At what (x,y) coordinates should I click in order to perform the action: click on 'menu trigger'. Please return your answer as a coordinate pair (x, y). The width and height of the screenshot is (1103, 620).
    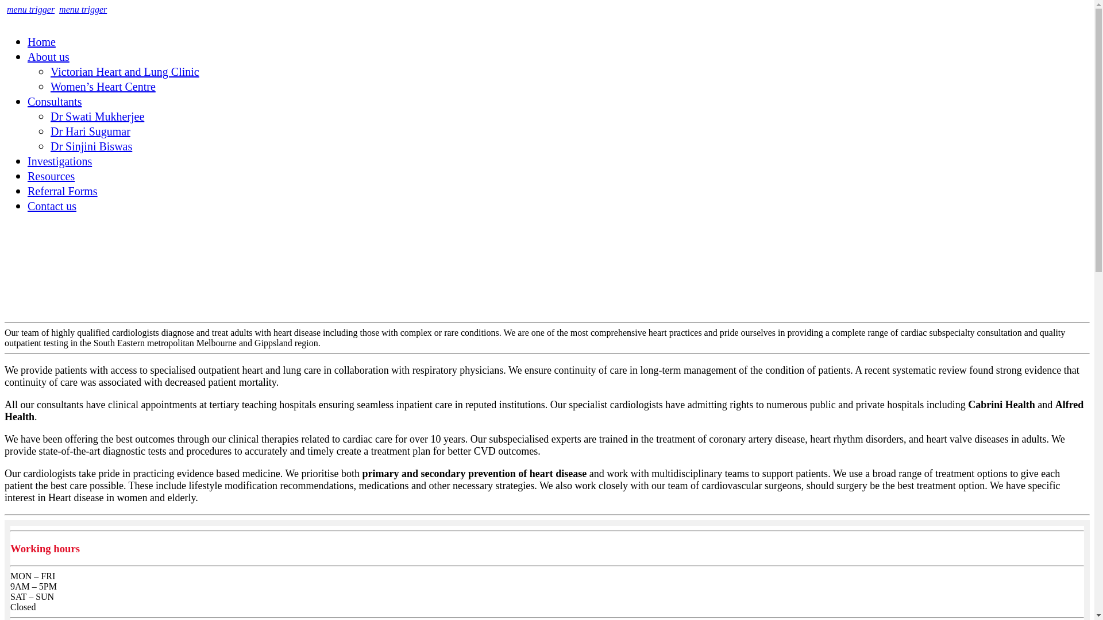
    Looking at the image, I should click on (30, 9).